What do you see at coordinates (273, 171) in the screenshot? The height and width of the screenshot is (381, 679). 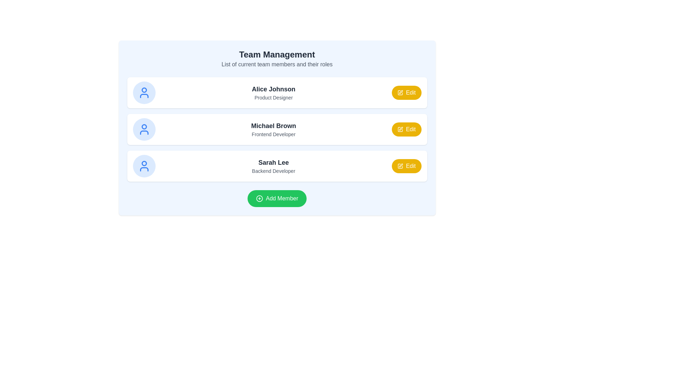 I see `the text label displaying the job role of team member 'Sarah Lee', which is positioned below her name in the third team member card` at bounding box center [273, 171].